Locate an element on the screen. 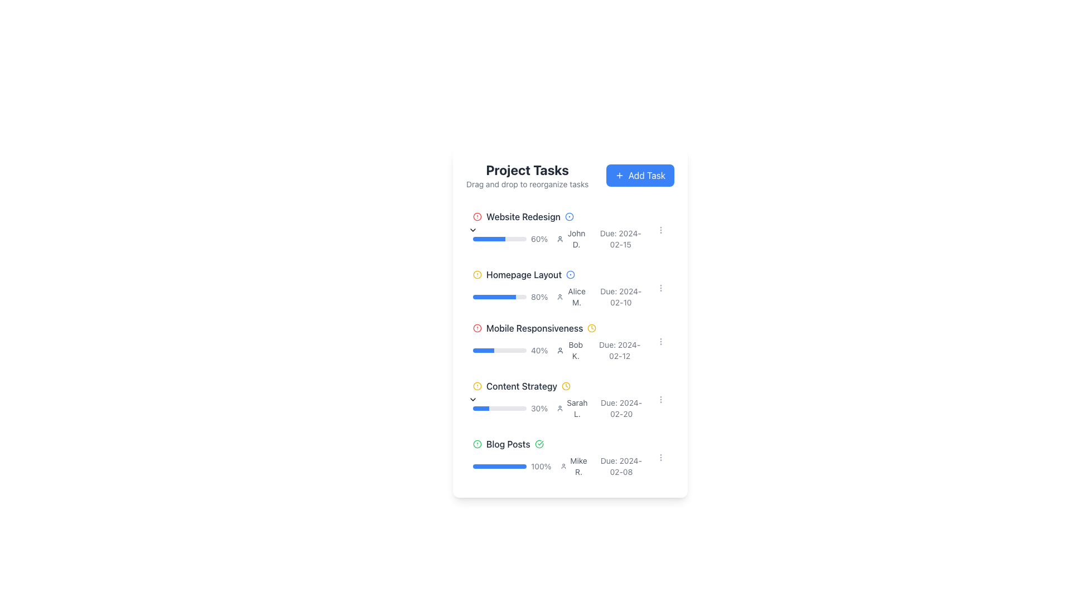 Image resolution: width=1071 pixels, height=602 pixels. the interactive toggle icon located adjacent to the task name in the 'Content Strategy' task section to collapse or expand the task details is located at coordinates (473, 399).